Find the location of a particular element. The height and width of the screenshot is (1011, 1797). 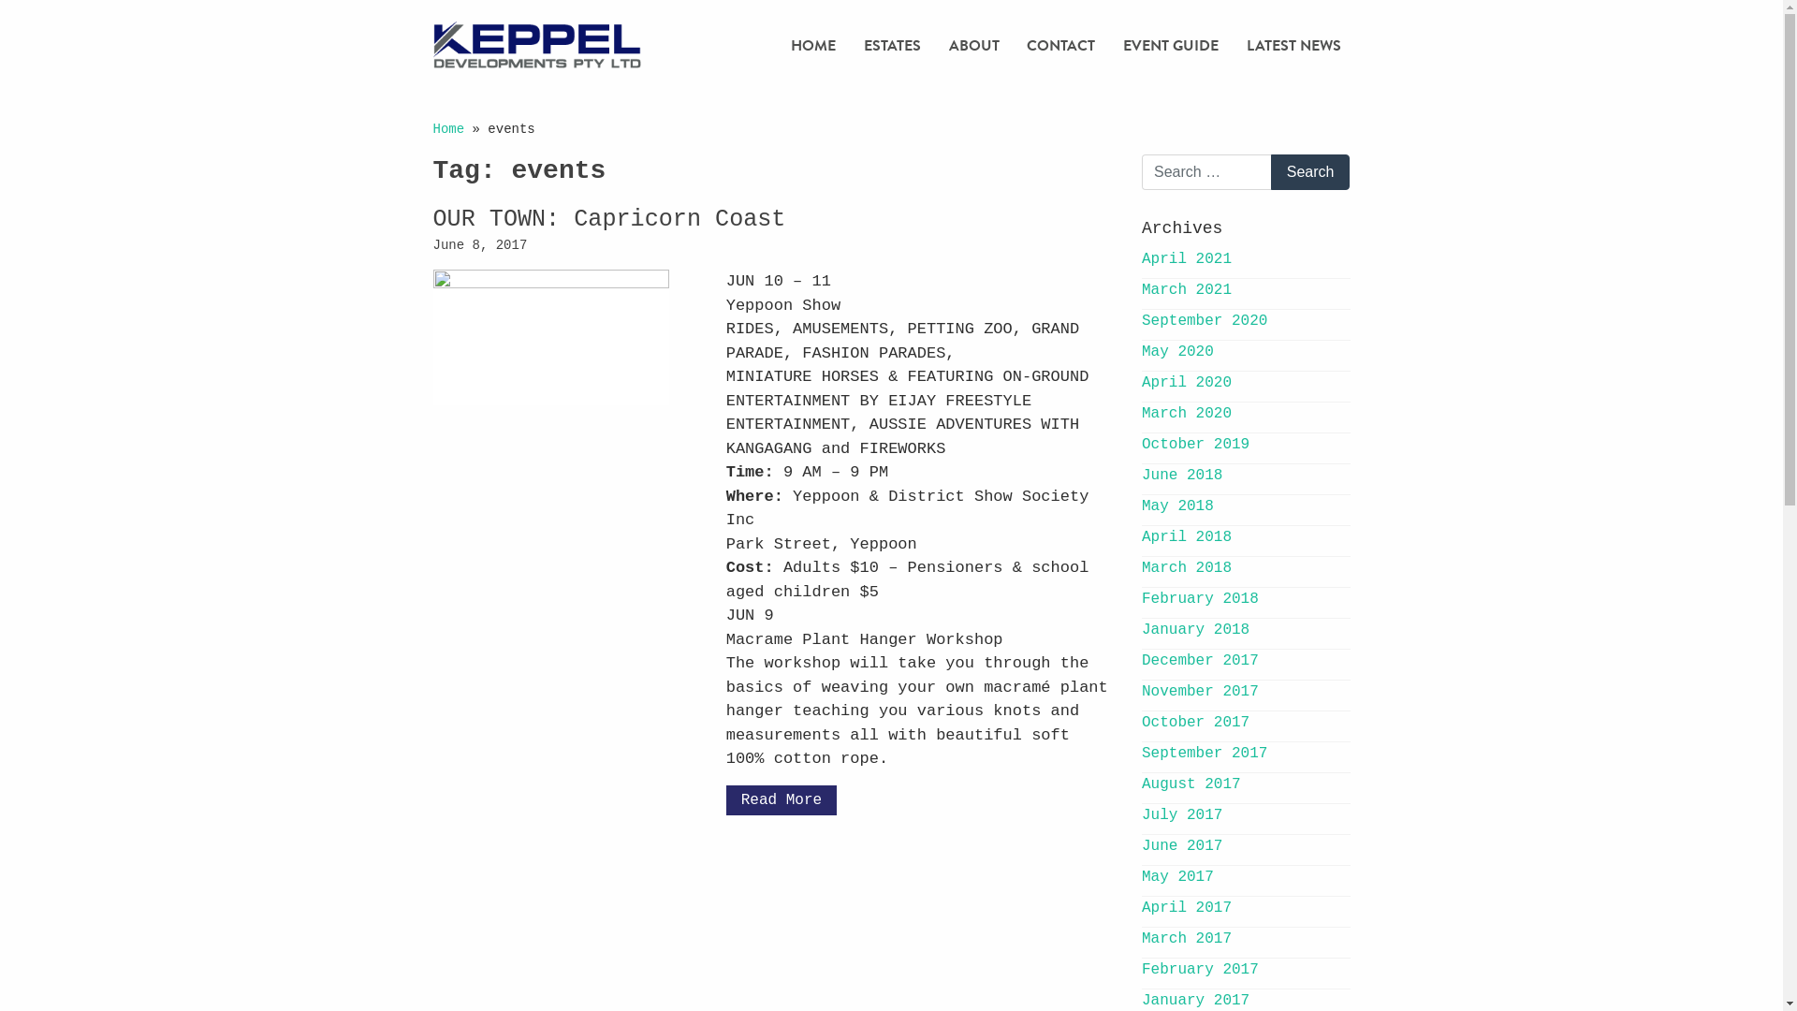

'EVENT GUIDE' is located at coordinates (1170, 44).